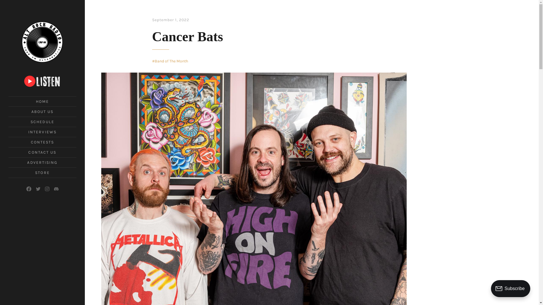  Describe the element at coordinates (42, 152) in the screenshot. I see `'CONTACT US'` at that location.